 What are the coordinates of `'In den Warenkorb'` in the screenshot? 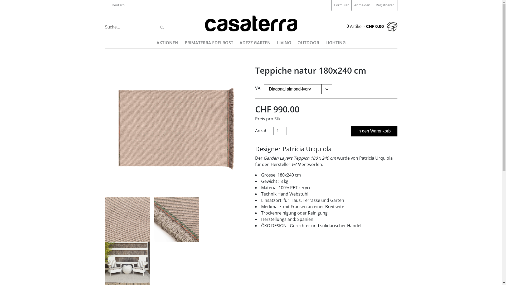 It's located at (374, 131).